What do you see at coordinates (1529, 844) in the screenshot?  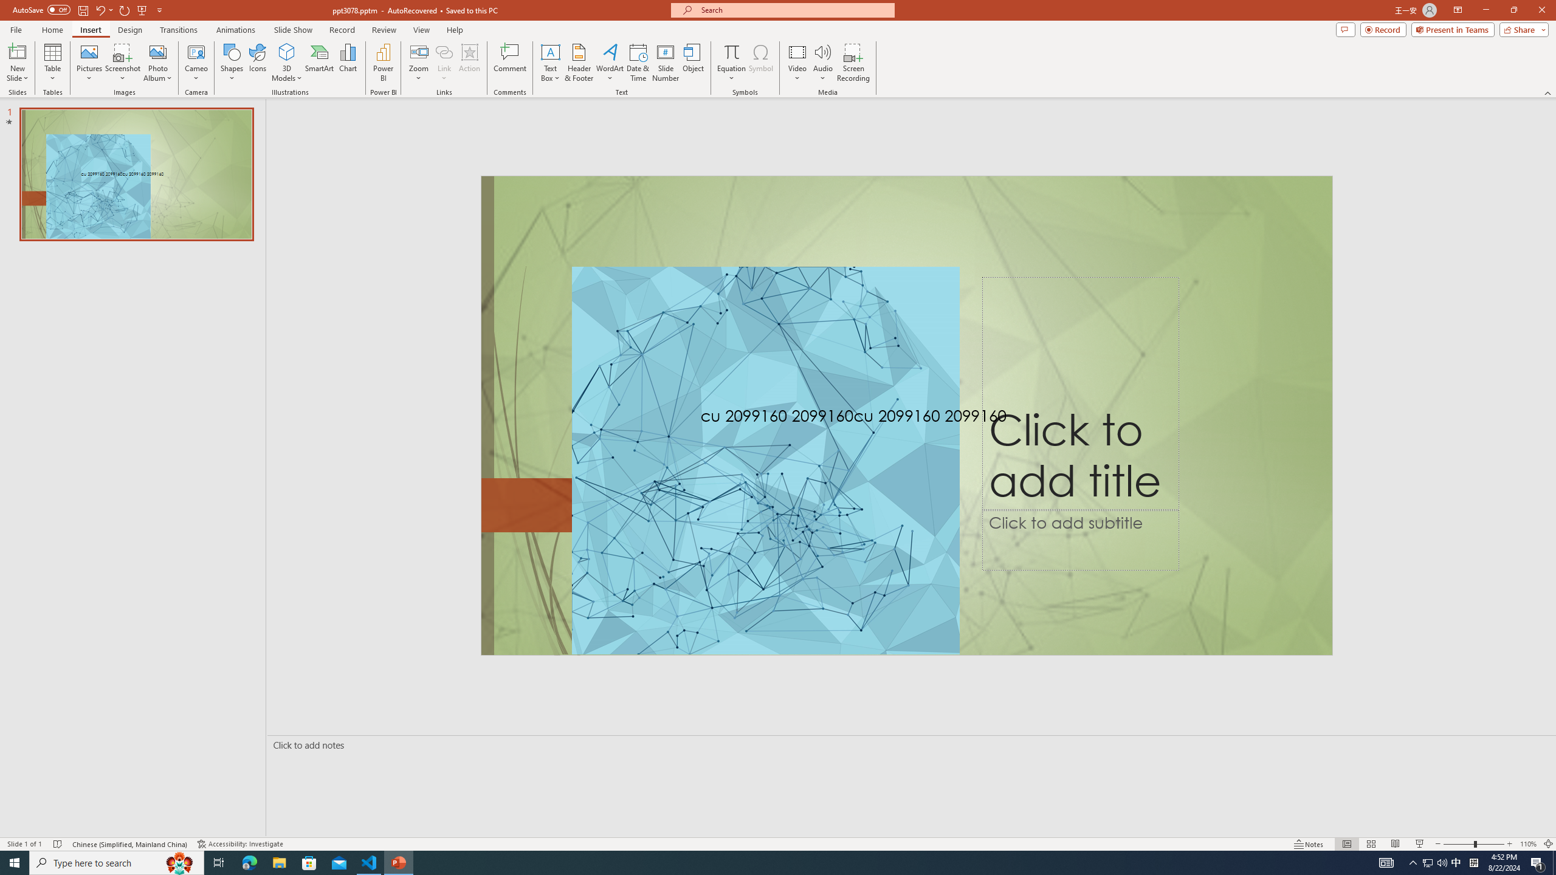 I see `'Zoom 110%'` at bounding box center [1529, 844].